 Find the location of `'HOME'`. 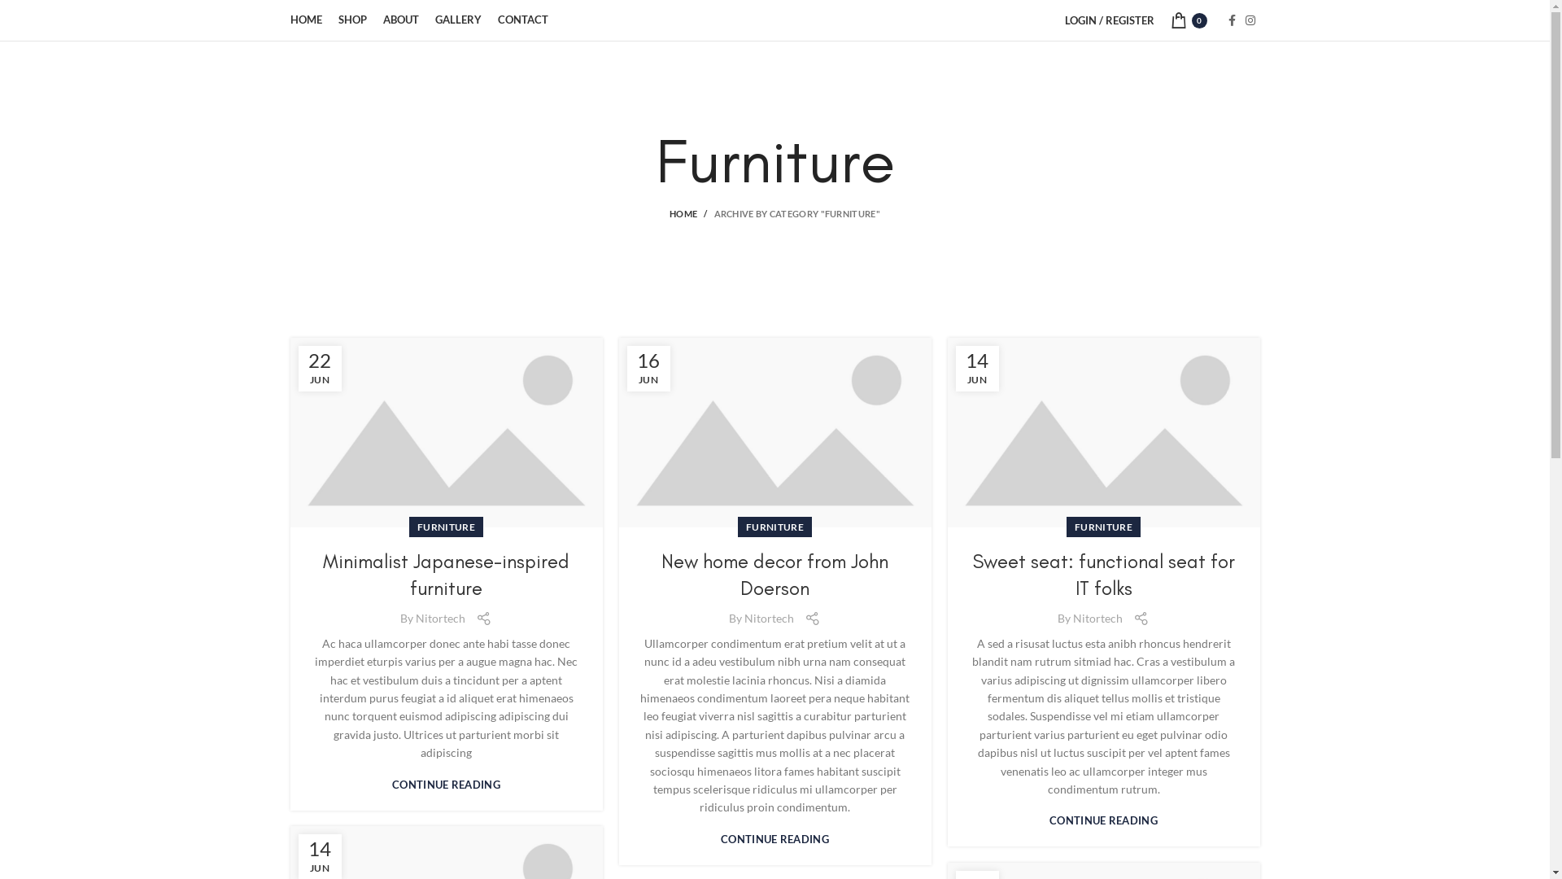

'HOME' is located at coordinates (669, 212).